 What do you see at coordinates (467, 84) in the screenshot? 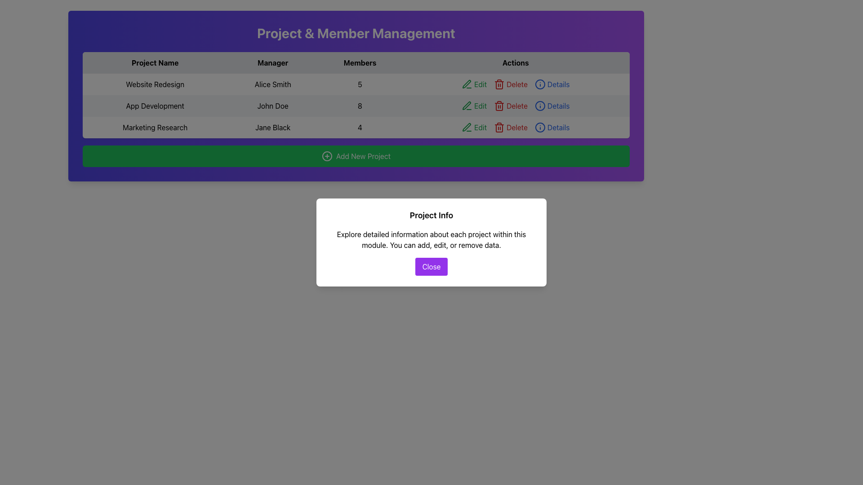
I see `the edit icon located to the left of the 'Edit' text in the Actions column of the first row, adjacent to the 'Delete' and 'Details' options` at bounding box center [467, 84].